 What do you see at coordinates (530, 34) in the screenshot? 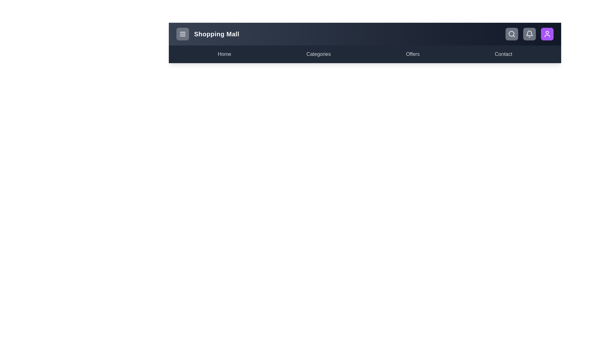
I see `the notifications button` at bounding box center [530, 34].